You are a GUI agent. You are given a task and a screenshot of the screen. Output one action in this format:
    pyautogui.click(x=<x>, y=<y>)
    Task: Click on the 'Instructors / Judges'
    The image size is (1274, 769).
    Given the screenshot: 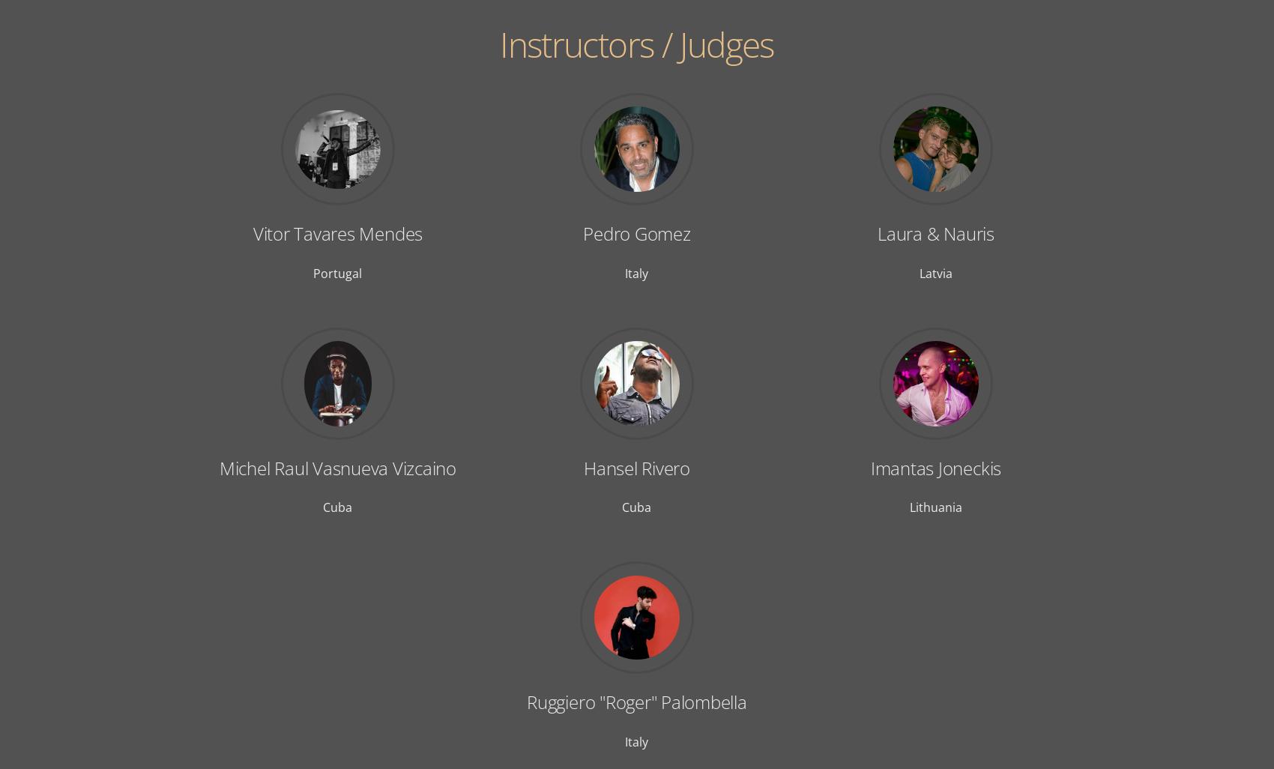 What is the action you would take?
    pyautogui.click(x=636, y=42)
    